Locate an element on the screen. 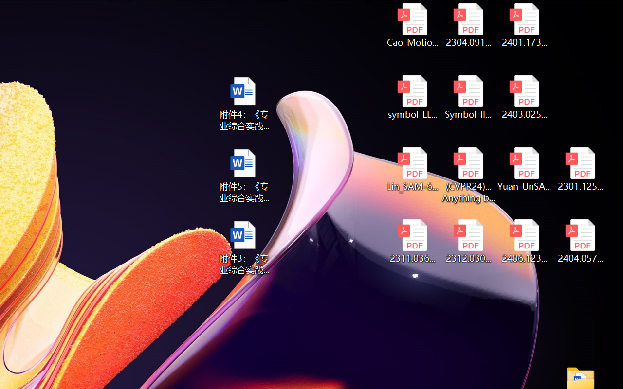 This screenshot has width=623, height=389. 'symbol_LLM.pdf' is located at coordinates (412, 97).